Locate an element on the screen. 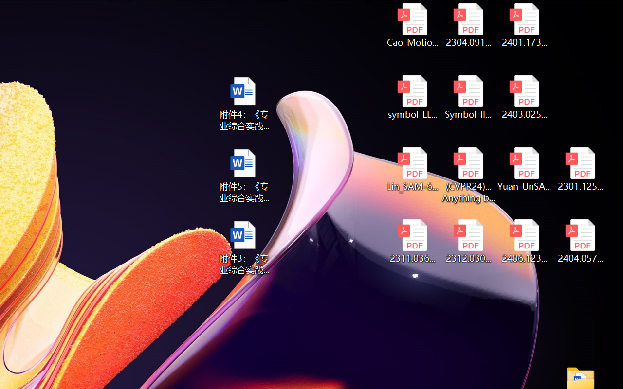 This screenshot has width=623, height=389. 'symbol_LLM.pdf' is located at coordinates (412, 97).